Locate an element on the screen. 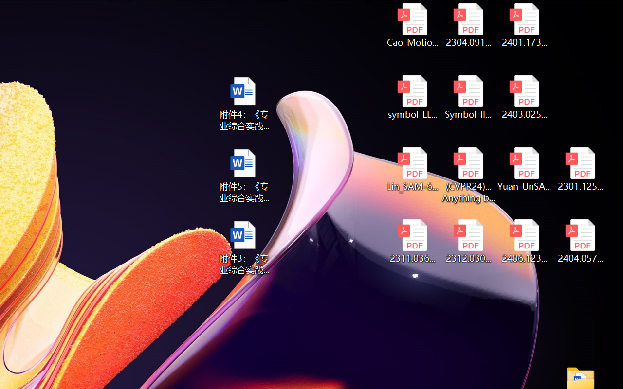 This screenshot has width=623, height=389. 'symbol_LLM.pdf' is located at coordinates (412, 97).